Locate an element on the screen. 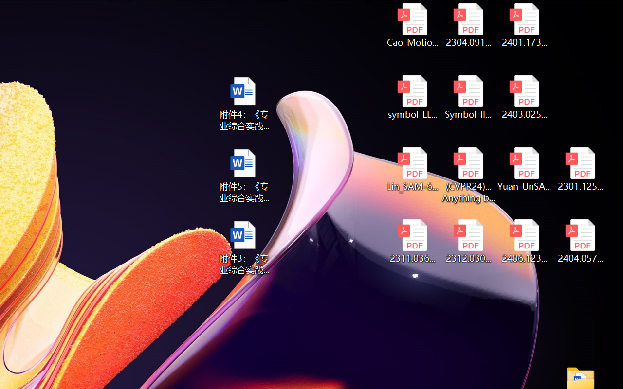 This screenshot has width=623, height=389. 'symbol_LLM.pdf' is located at coordinates (412, 97).